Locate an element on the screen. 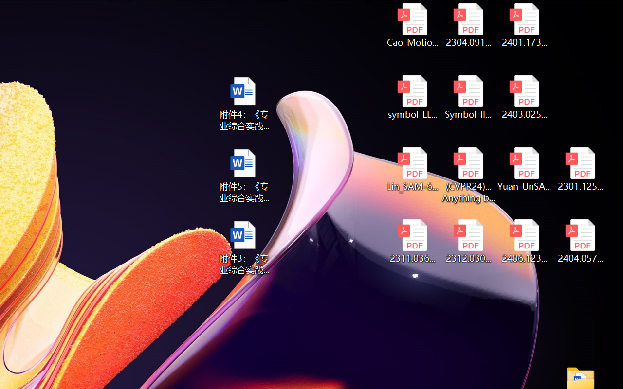 This screenshot has width=623, height=389. 'symbol_LLM.pdf' is located at coordinates (412, 97).